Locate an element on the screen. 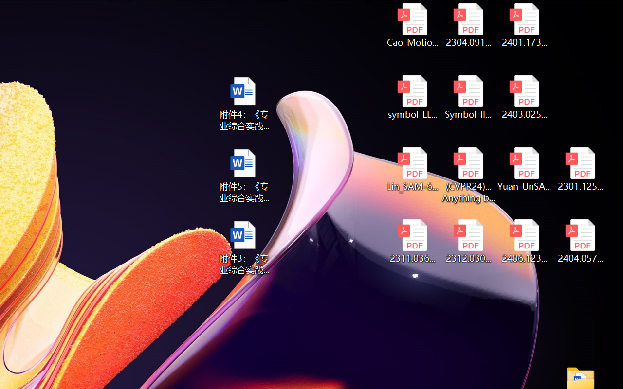 This screenshot has width=623, height=389. 'symbol_LLM.pdf' is located at coordinates (412, 97).